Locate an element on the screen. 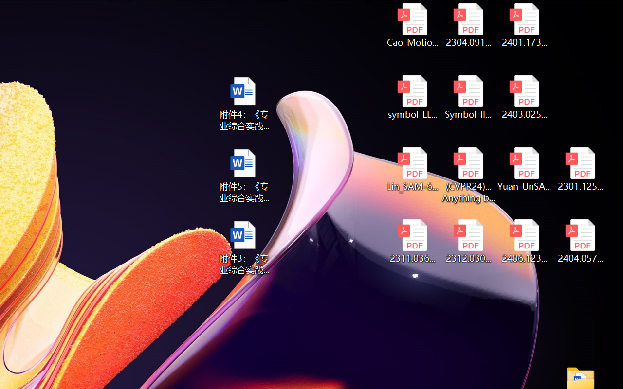 This screenshot has width=623, height=389. 'symbol_LLM.pdf' is located at coordinates (412, 97).